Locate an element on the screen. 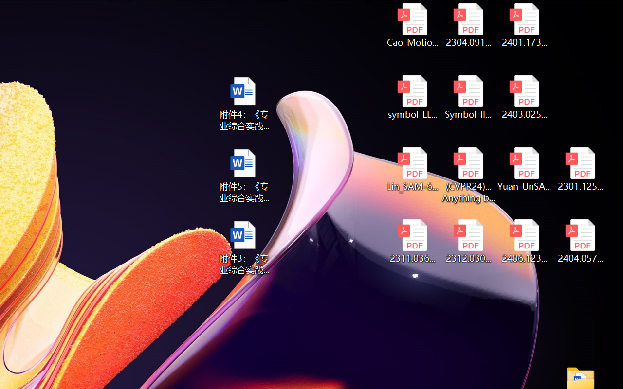 This screenshot has width=623, height=389. 'symbol_LLM.pdf' is located at coordinates (412, 97).